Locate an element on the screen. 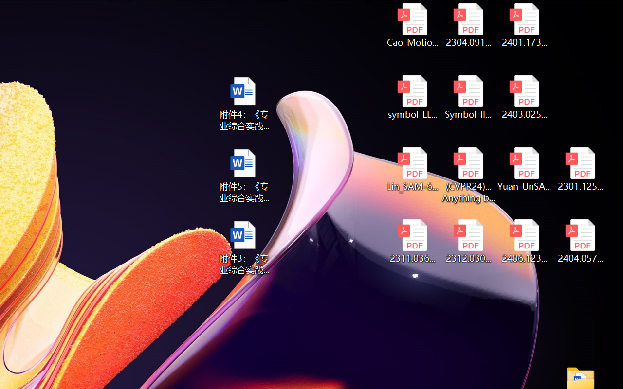 This screenshot has width=623, height=389. 'symbol_LLM.pdf' is located at coordinates (412, 97).